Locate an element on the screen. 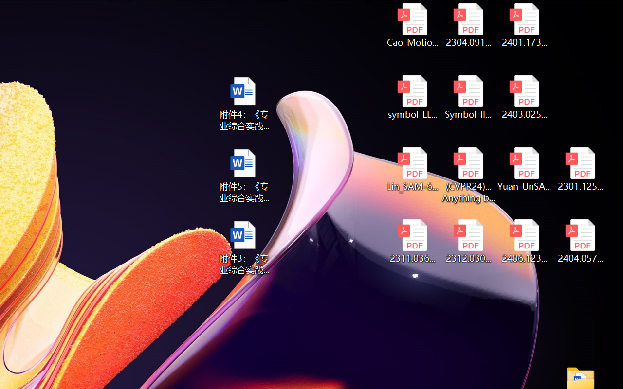 This screenshot has width=623, height=389. 'symbol_LLM.pdf' is located at coordinates (412, 97).